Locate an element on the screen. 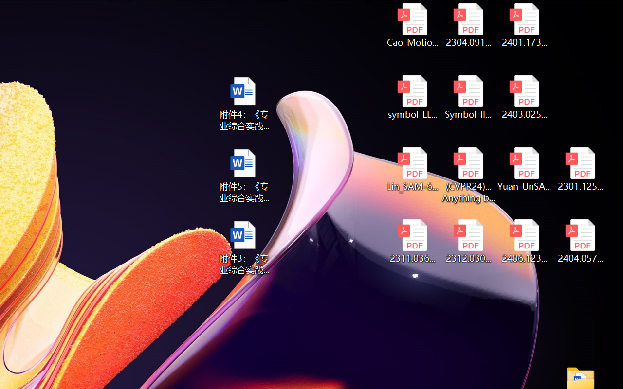 This screenshot has width=623, height=389. 'symbol_LLM.pdf' is located at coordinates (412, 97).